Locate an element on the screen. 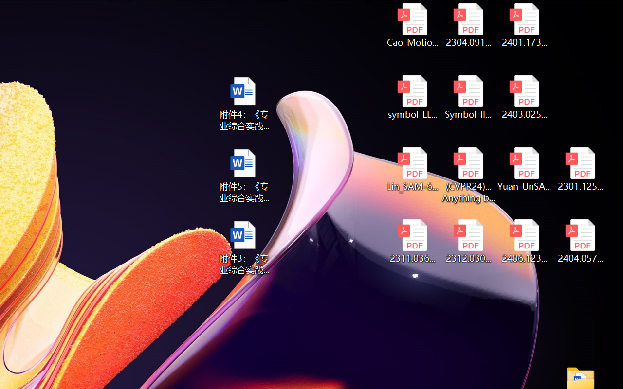 This screenshot has width=623, height=389. 'symbol_LLM.pdf' is located at coordinates (412, 97).